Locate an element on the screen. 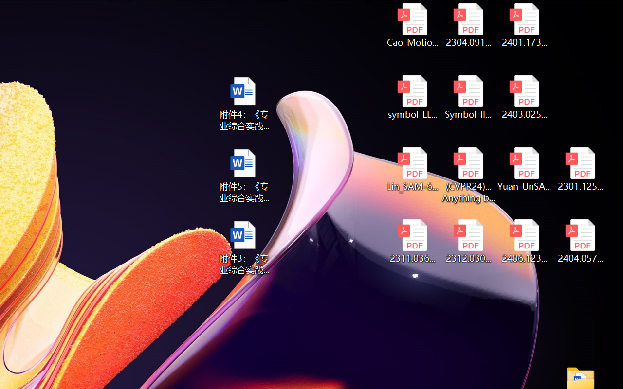 This screenshot has width=623, height=389. 'symbol_LLM.pdf' is located at coordinates (412, 97).